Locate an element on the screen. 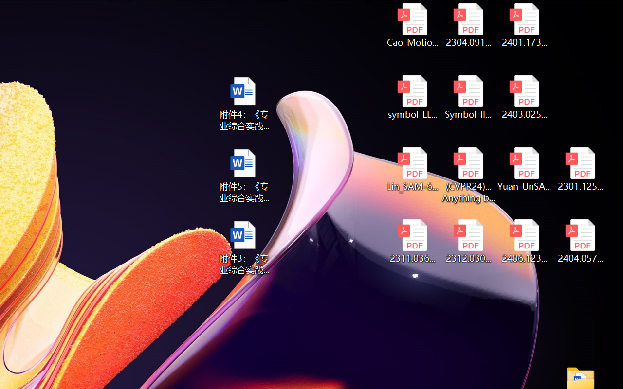 This screenshot has width=623, height=389. 'symbol_LLM.pdf' is located at coordinates (412, 97).